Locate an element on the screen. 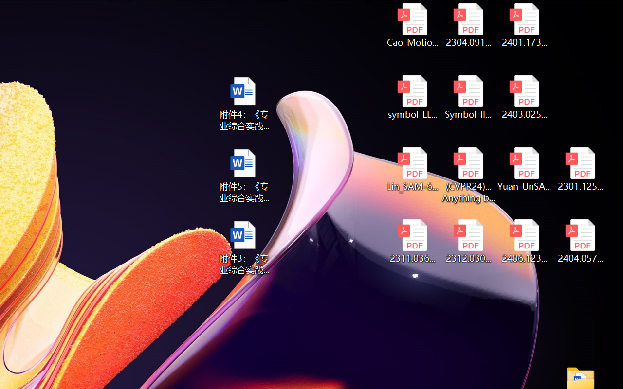 This screenshot has width=623, height=389. 'symbol_LLM.pdf' is located at coordinates (412, 97).